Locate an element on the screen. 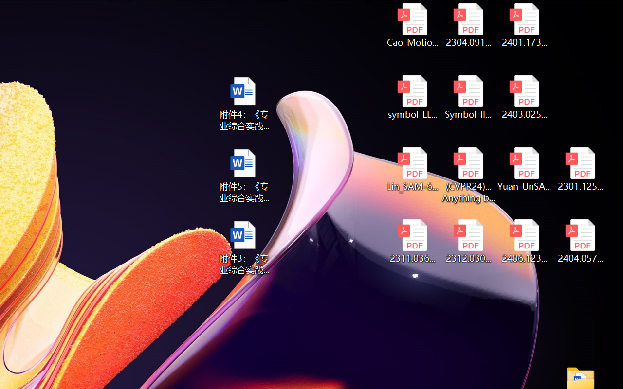 This screenshot has width=623, height=389. 'symbol_LLM.pdf' is located at coordinates (412, 97).